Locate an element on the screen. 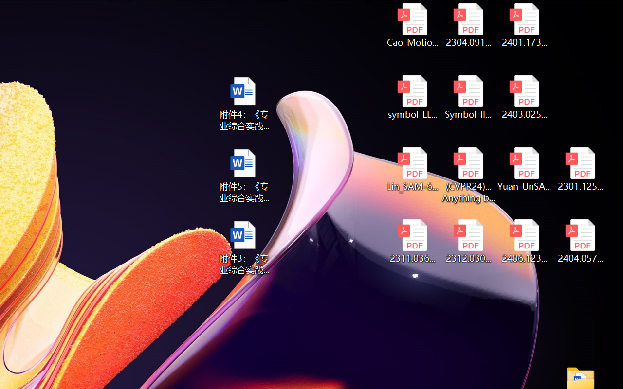 This screenshot has width=623, height=389. 'symbol_LLM.pdf' is located at coordinates (412, 97).